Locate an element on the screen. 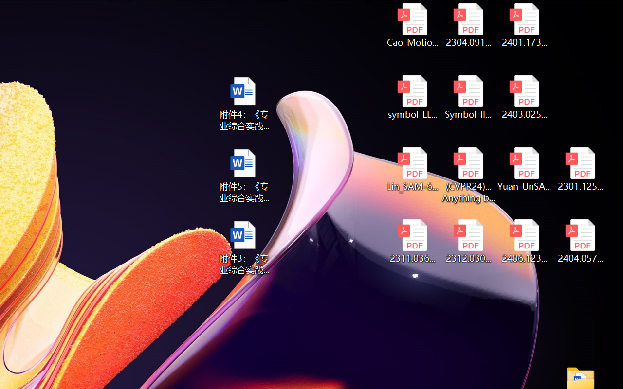 This screenshot has width=623, height=389. 'symbol_LLM.pdf' is located at coordinates (412, 97).